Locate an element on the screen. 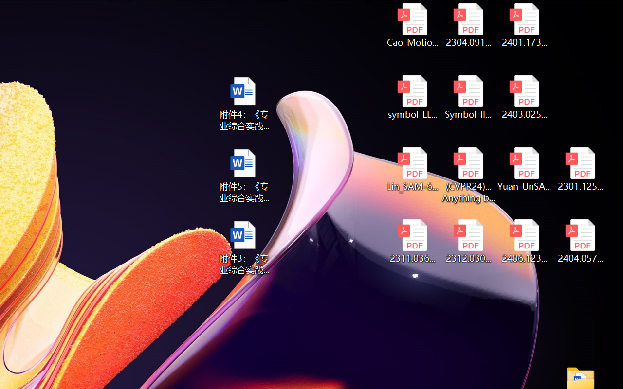 This screenshot has width=623, height=389. 'symbol_LLM.pdf' is located at coordinates (412, 97).